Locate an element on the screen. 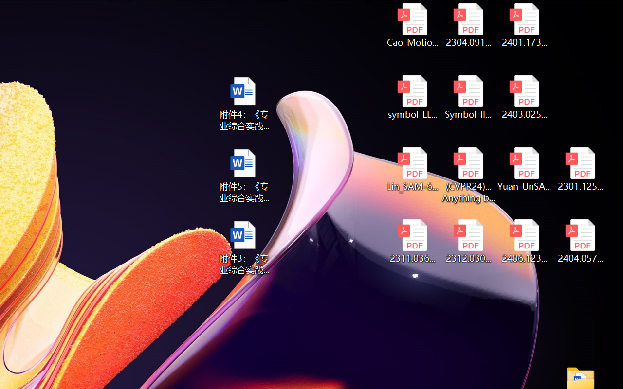 This screenshot has width=623, height=389. 'symbol_LLM.pdf' is located at coordinates (412, 97).